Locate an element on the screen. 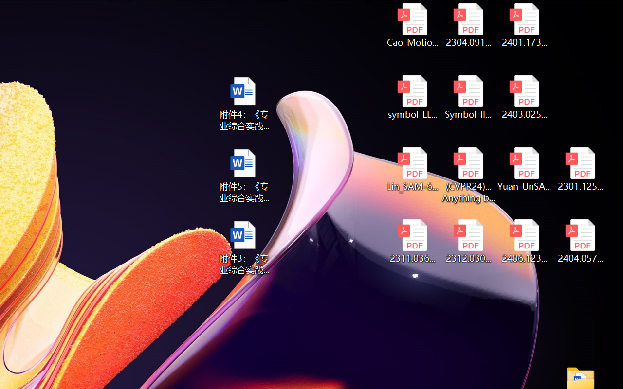 This screenshot has width=623, height=389. 'symbol_LLM.pdf' is located at coordinates (412, 97).